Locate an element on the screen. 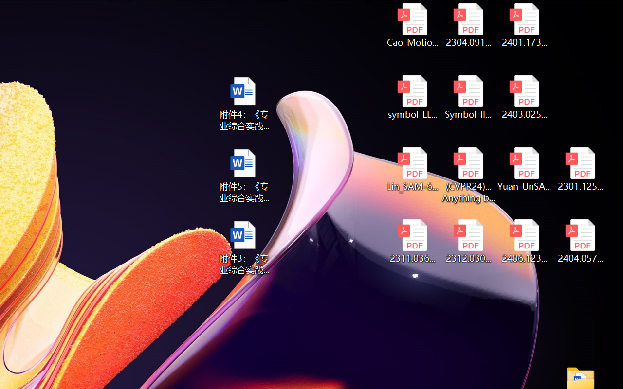 This screenshot has width=623, height=389. 'symbol_LLM.pdf' is located at coordinates (412, 97).